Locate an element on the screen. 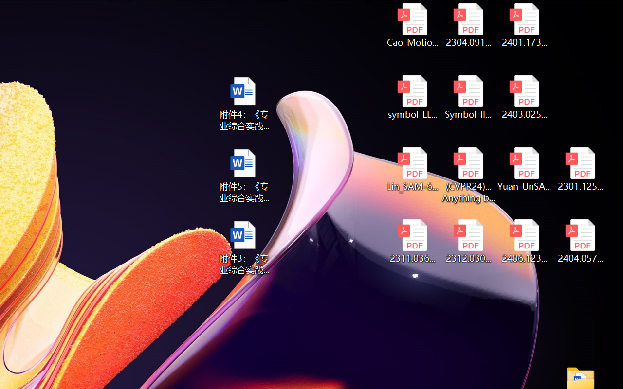 This screenshot has width=623, height=389. 'symbol_LLM.pdf' is located at coordinates (412, 97).